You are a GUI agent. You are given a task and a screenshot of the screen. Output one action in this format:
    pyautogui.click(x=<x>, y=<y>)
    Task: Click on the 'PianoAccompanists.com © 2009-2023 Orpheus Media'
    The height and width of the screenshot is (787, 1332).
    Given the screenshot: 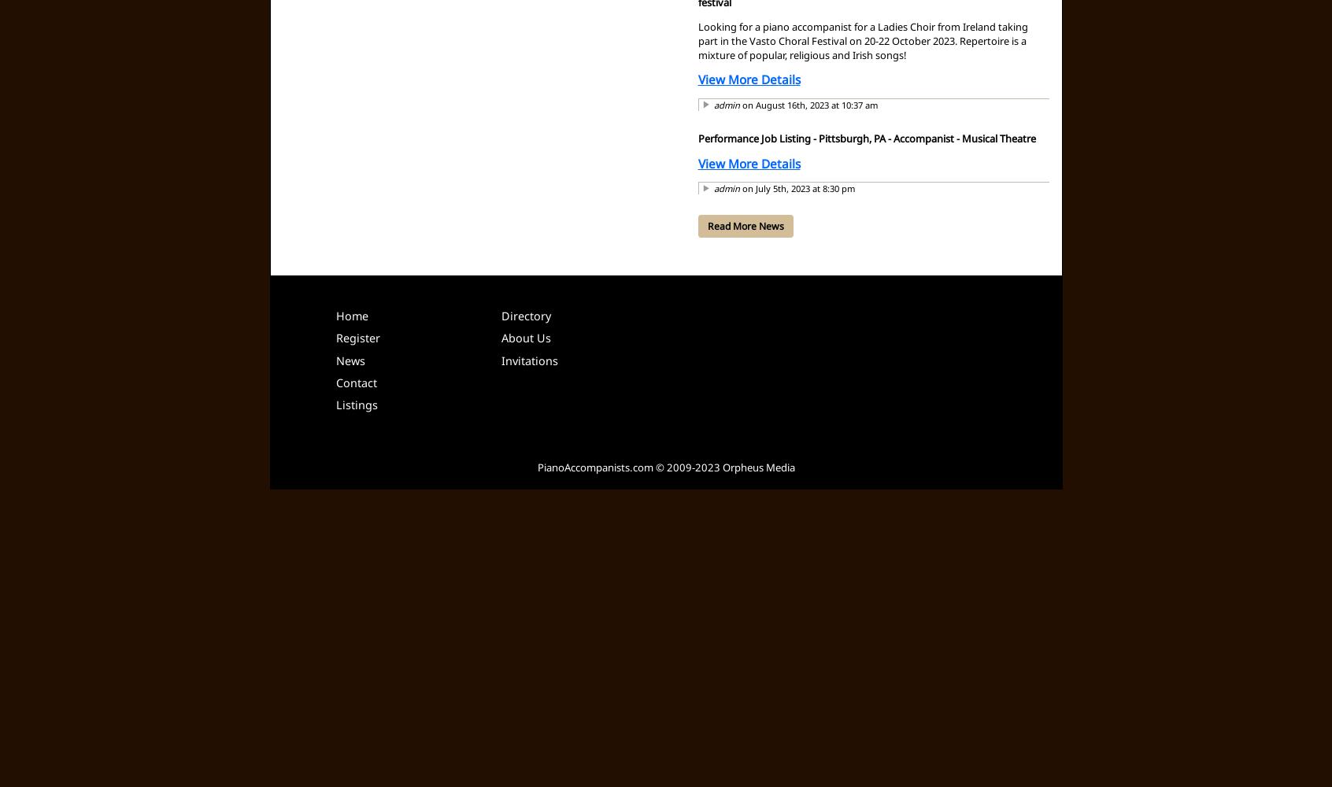 What is the action you would take?
    pyautogui.click(x=665, y=466)
    